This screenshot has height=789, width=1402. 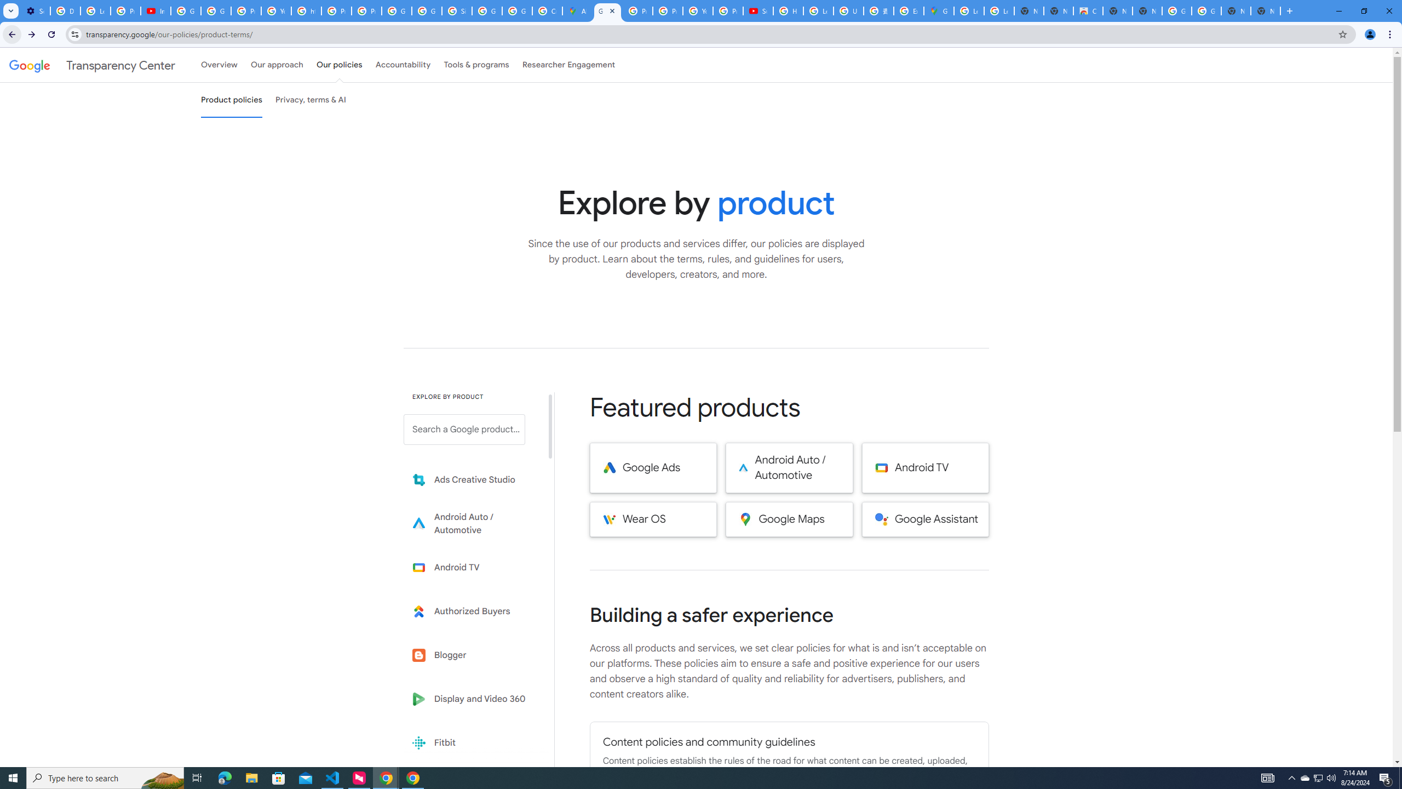 I want to click on 'Accountability', so click(x=403, y=65).